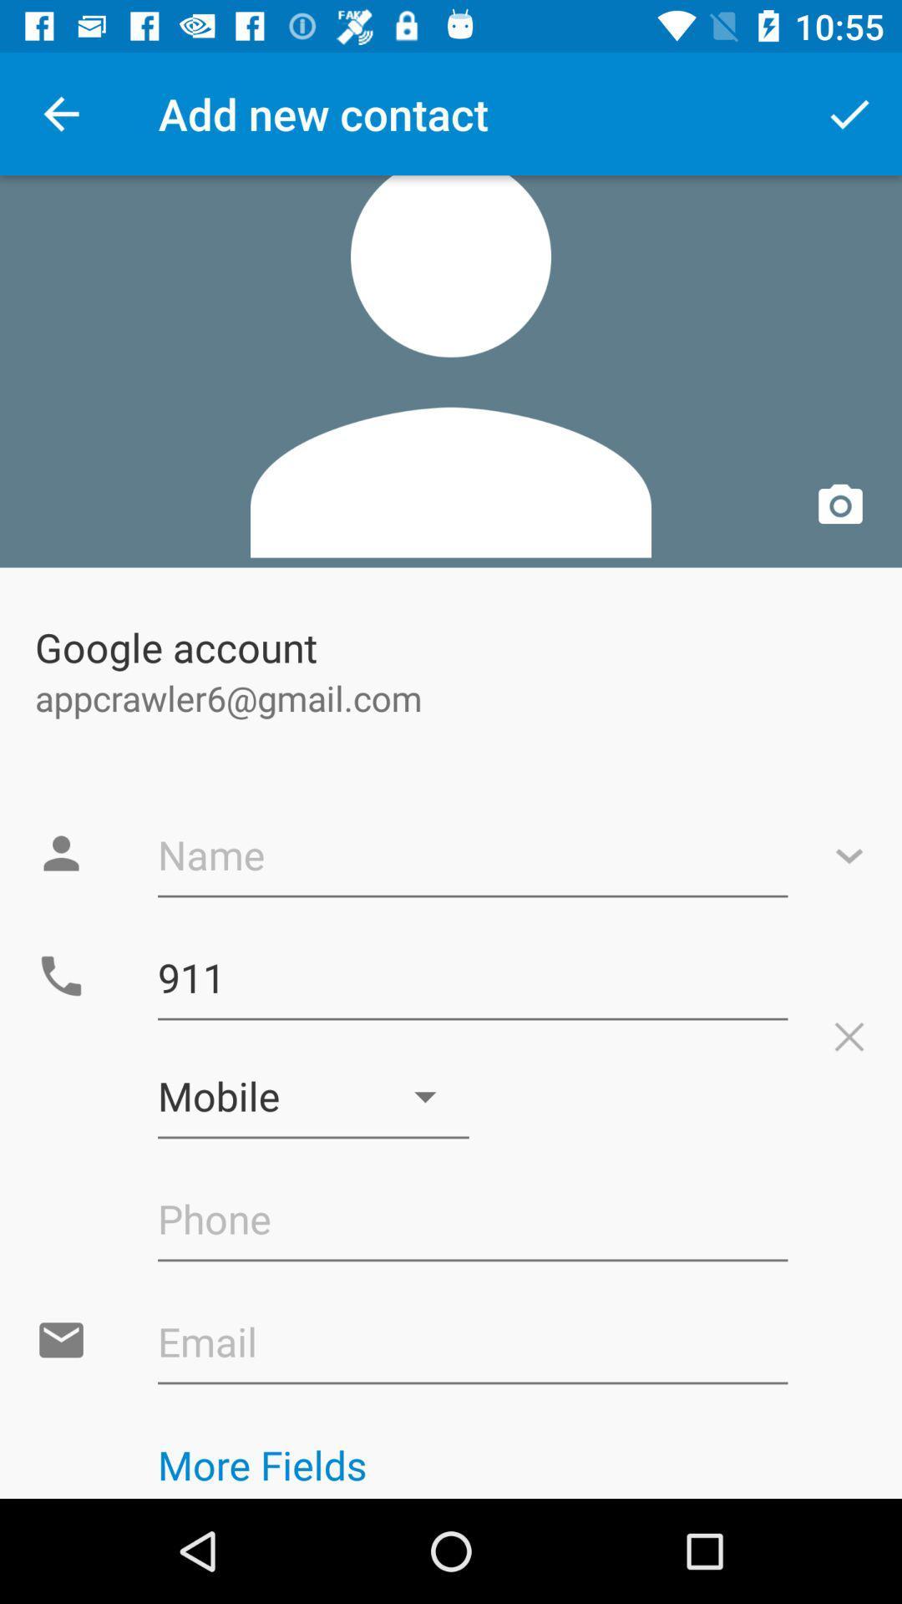 The image size is (902, 1604). I want to click on icon shown left to 911, so click(60, 976).